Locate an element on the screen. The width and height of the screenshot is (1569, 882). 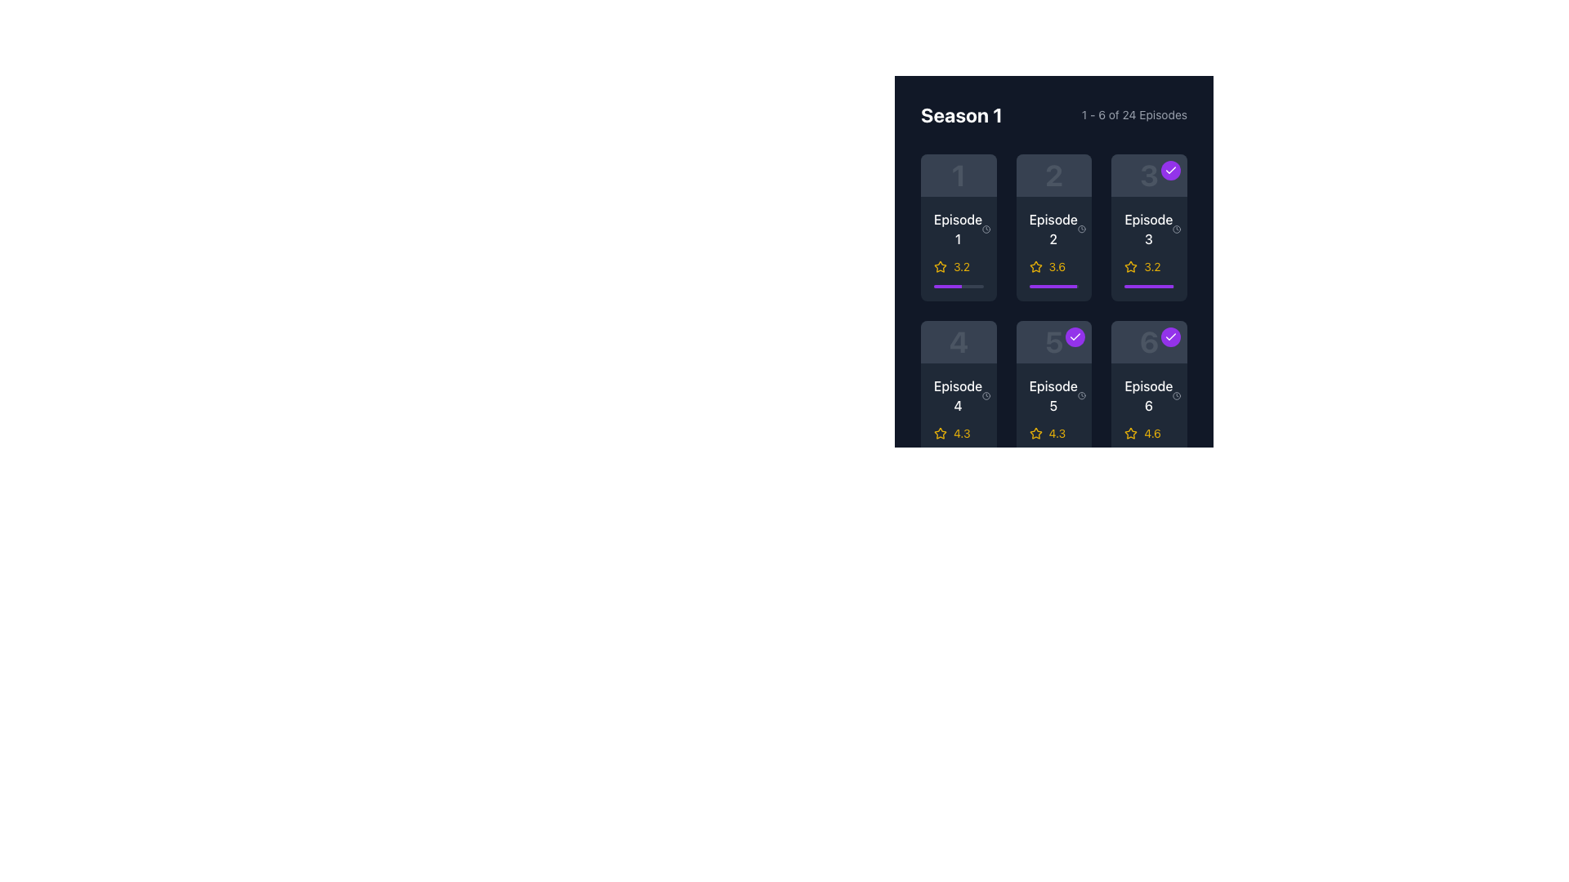
the text label displaying 'Episode 5', which is styled in white color and is part of the episode cards under 'Season 1'. This element is visually distinct with the numeral '5' positioned below the word 'Episode' is located at coordinates (1053, 396).